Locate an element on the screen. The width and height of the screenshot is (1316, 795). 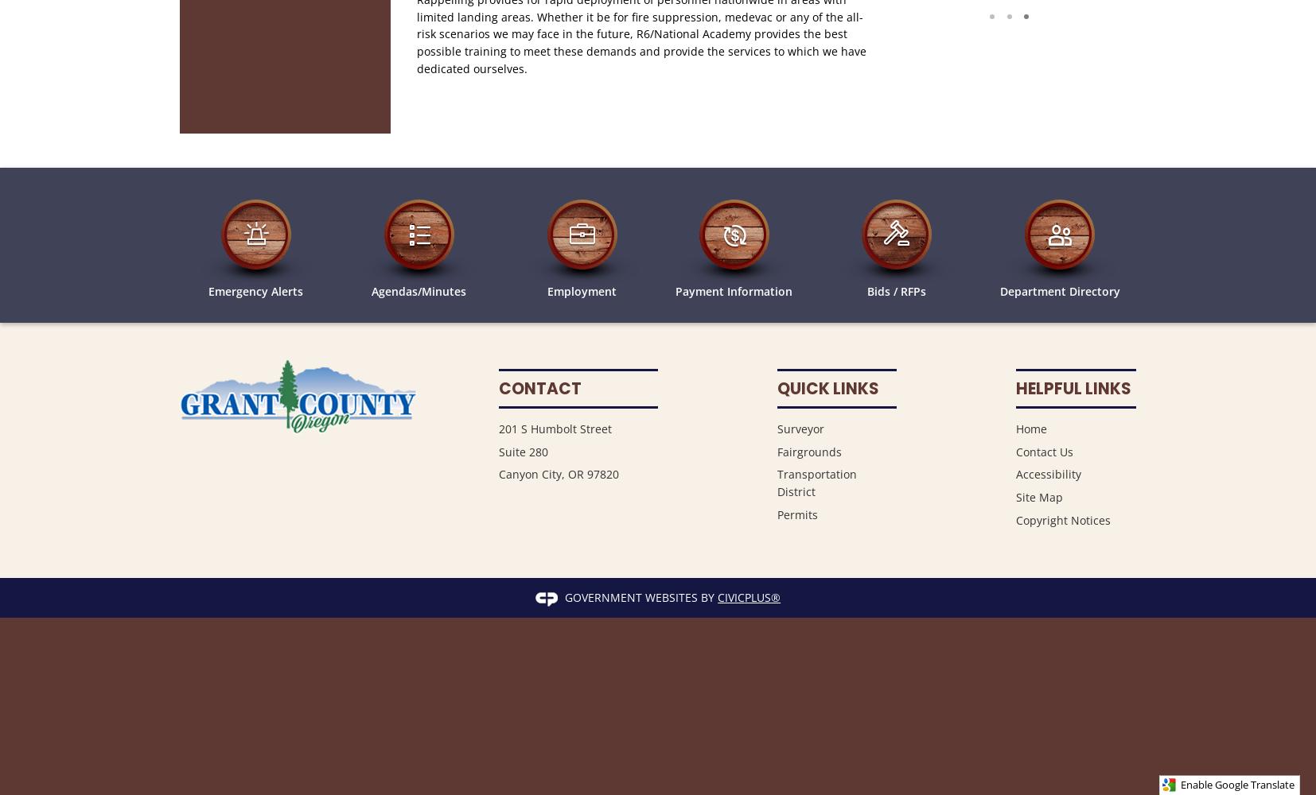
'3' is located at coordinates (1045, 16).